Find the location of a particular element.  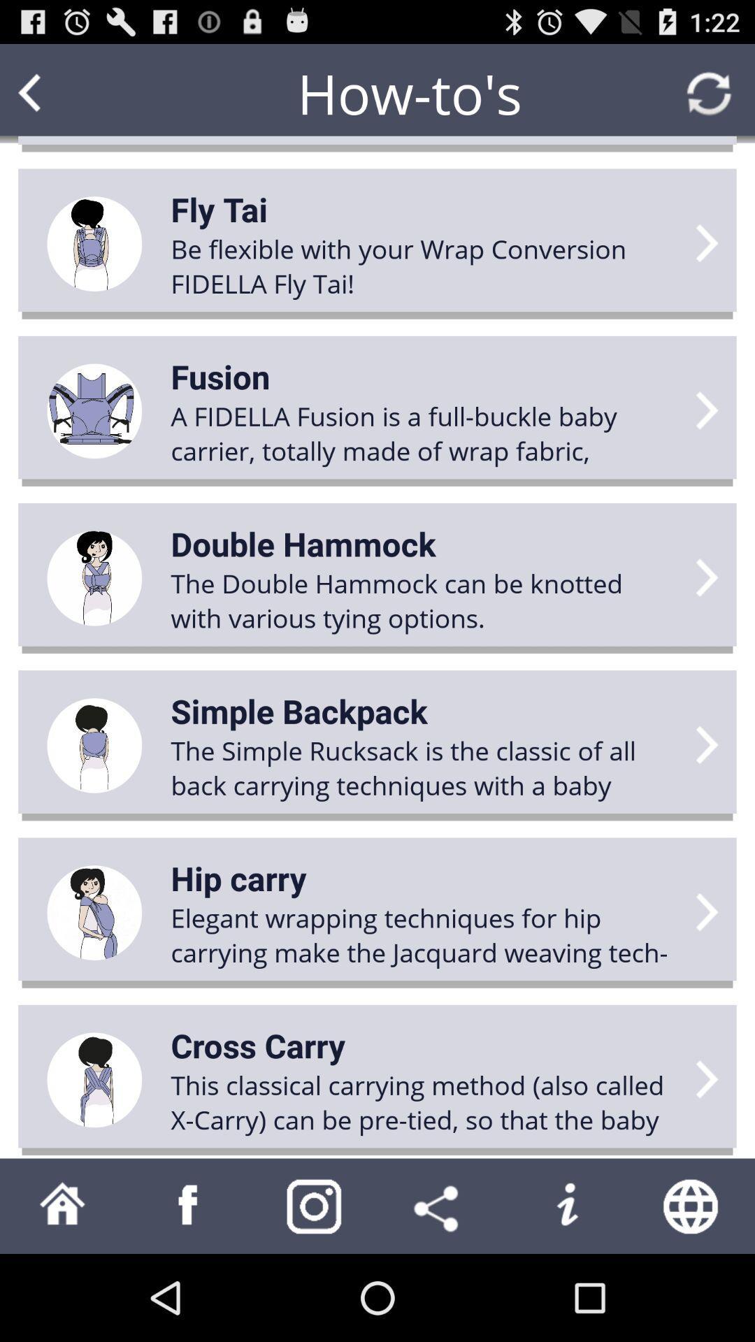

suggested website is located at coordinates (692, 1205).